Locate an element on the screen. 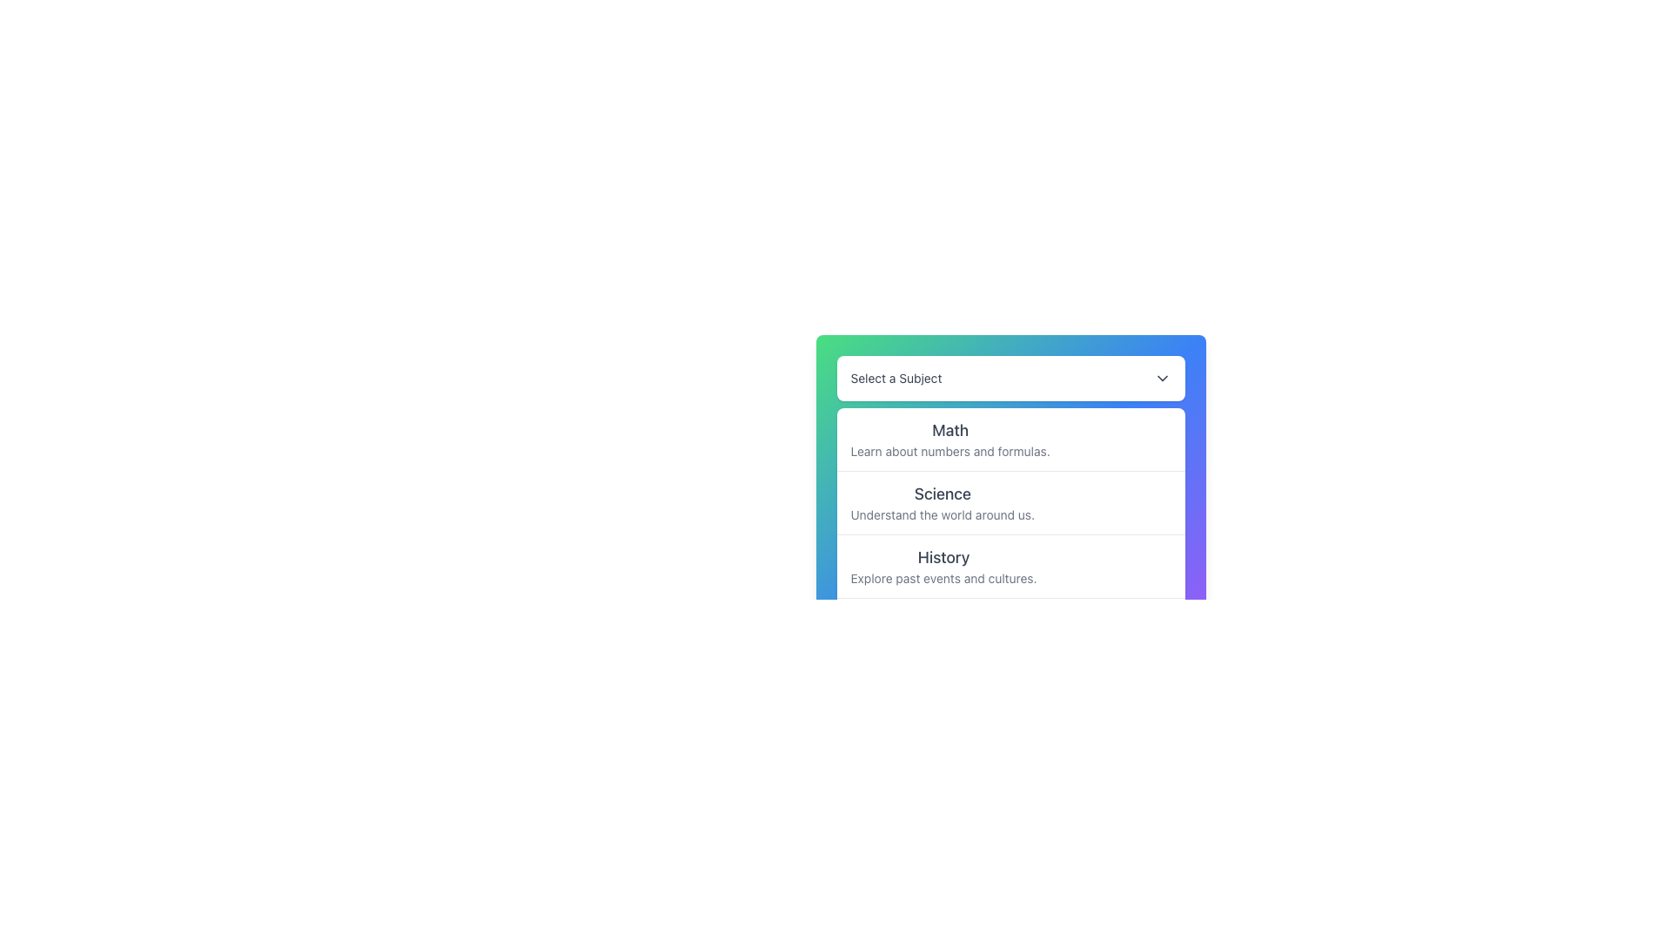 Image resolution: width=1671 pixels, height=940 pixels. the chevron icon button located at the right end of the 'Select a Subject' dropdown header is located at coordinates (1162, 378).